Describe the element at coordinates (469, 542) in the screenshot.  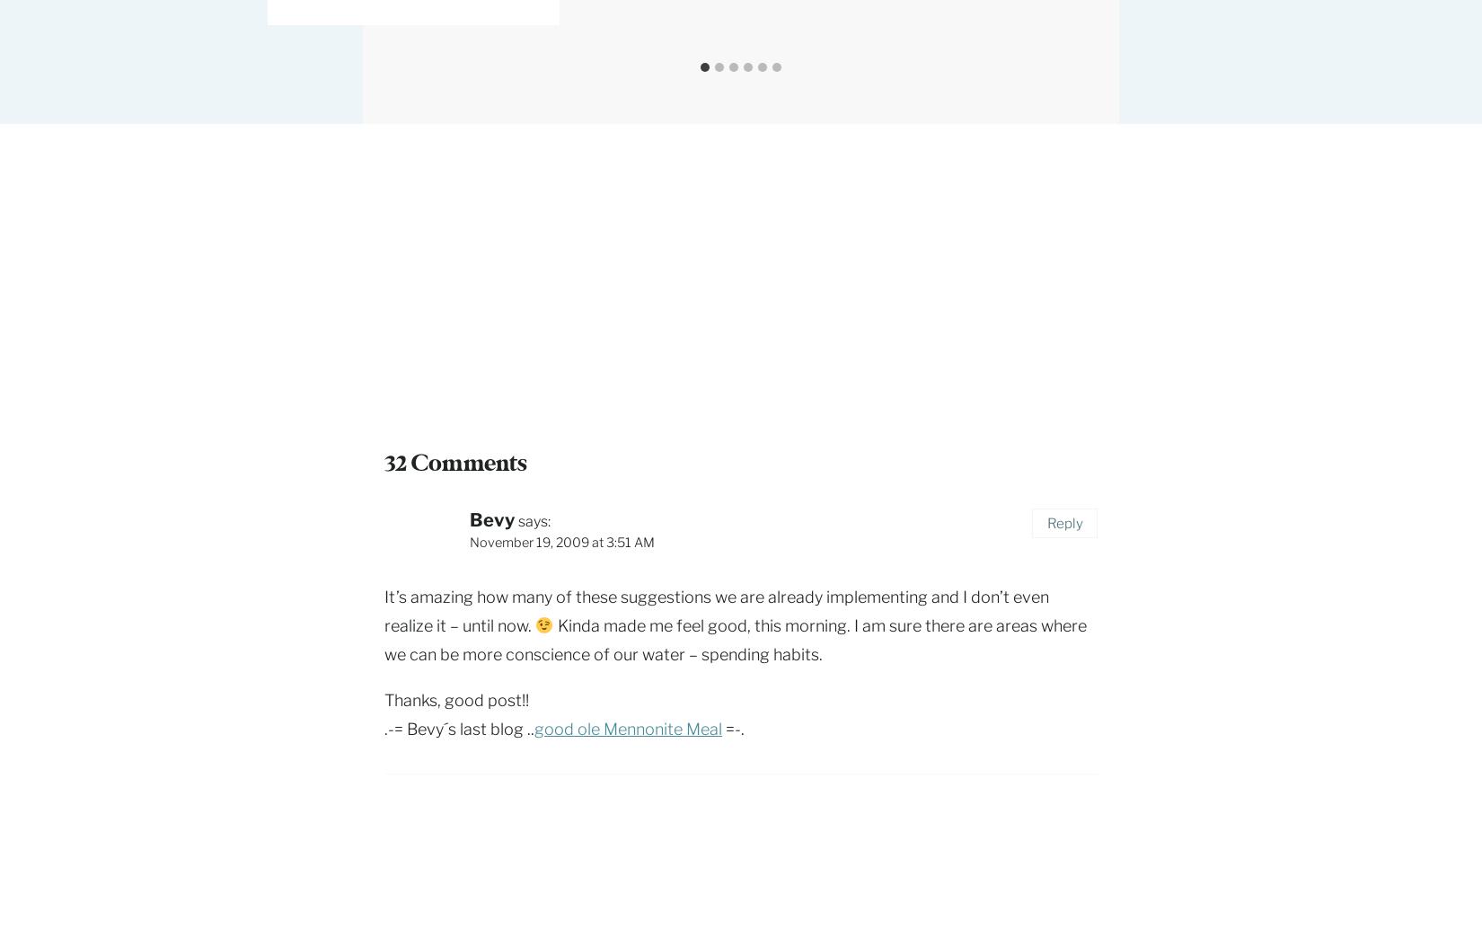
I see `'November 19, 2009 at 3:51 AM'` at that location.